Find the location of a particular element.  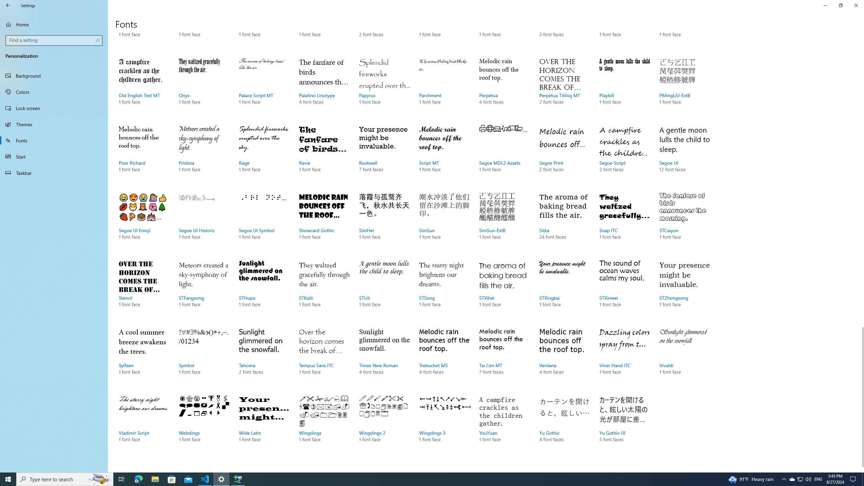

'Rage, 1 font face' is located at coordinates (264, 155).